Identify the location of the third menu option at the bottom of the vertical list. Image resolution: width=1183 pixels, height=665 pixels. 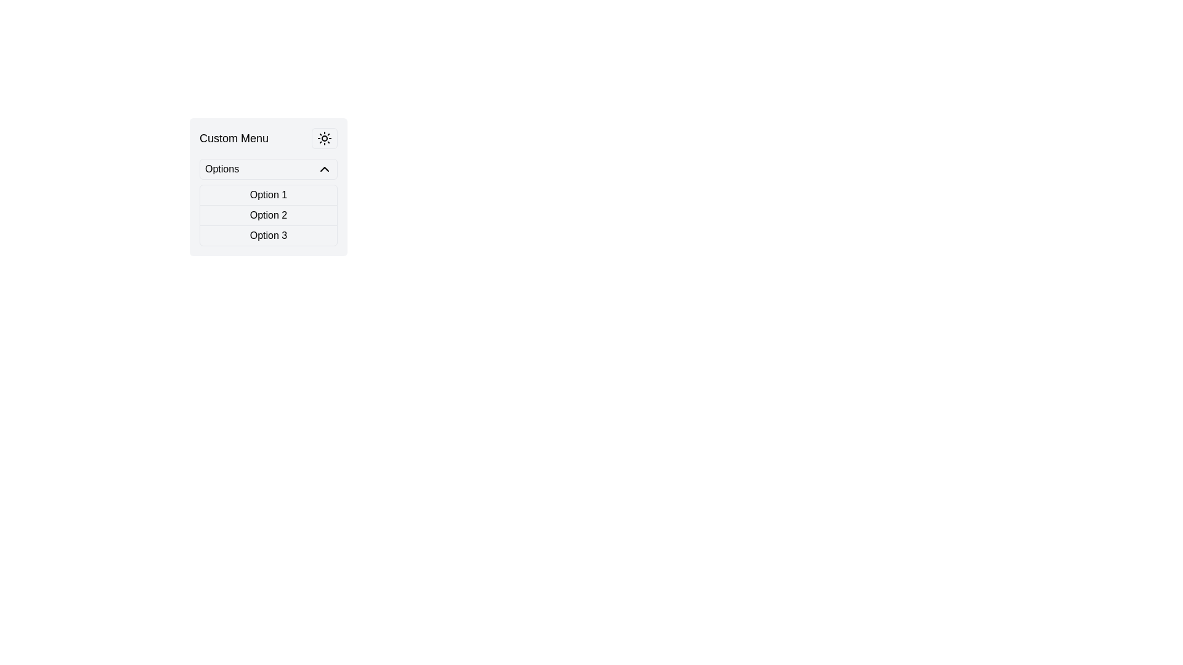
(268, 235).